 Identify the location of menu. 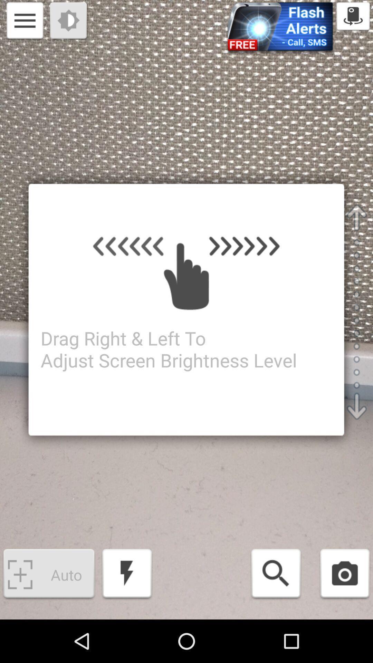
(25, 21).